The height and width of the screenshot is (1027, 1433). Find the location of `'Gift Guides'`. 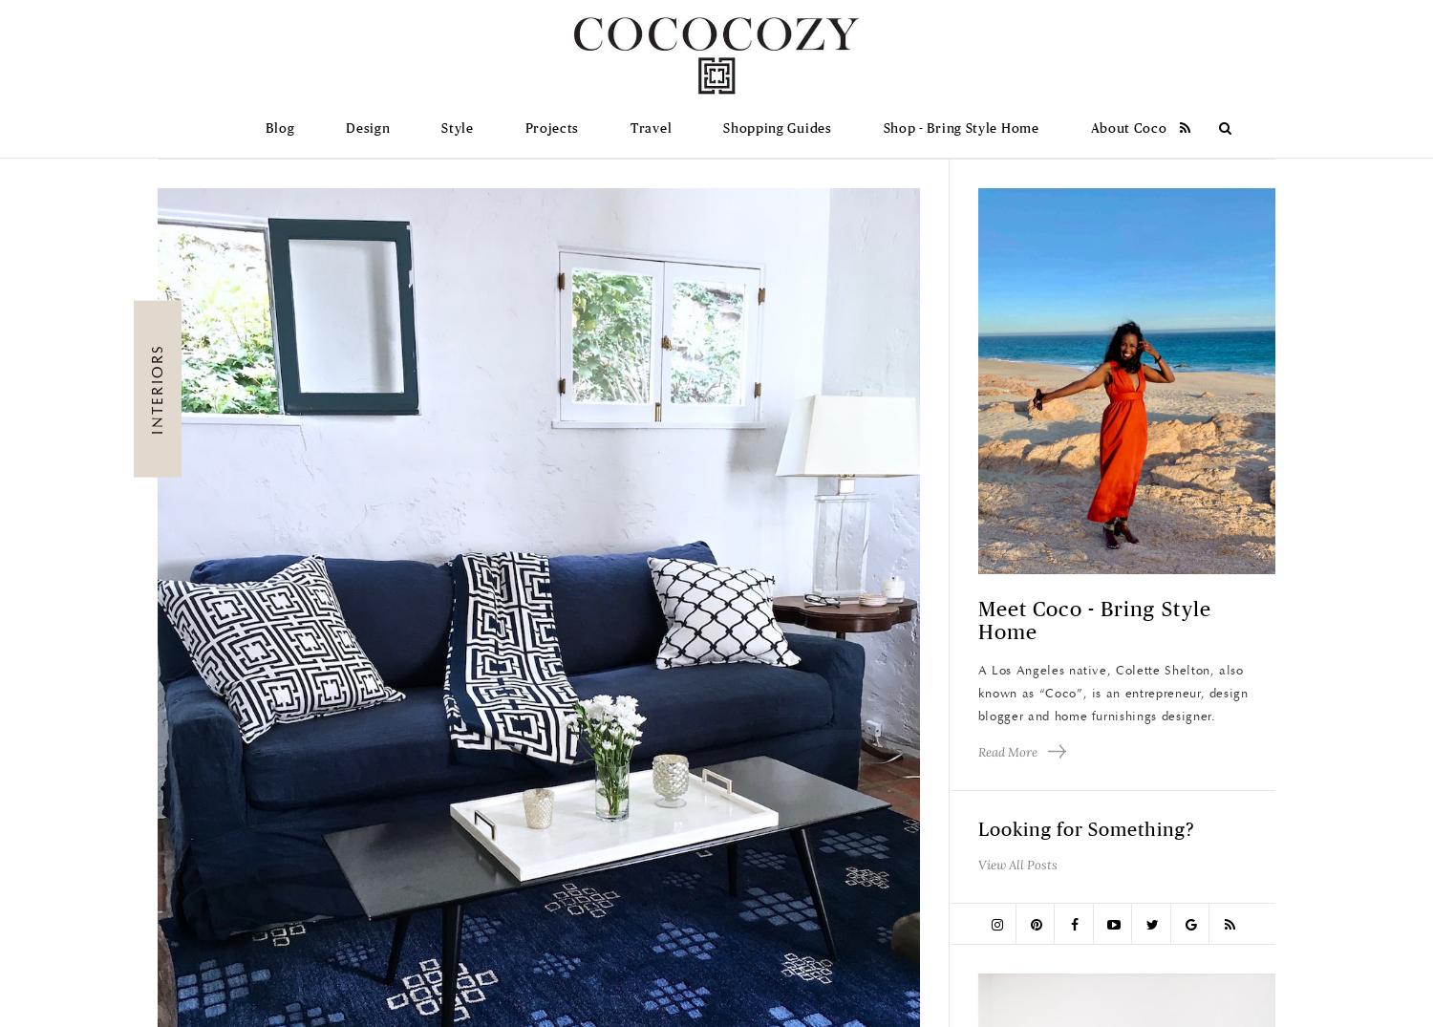

'Gift Guides' is located at coordinates (773, 180).